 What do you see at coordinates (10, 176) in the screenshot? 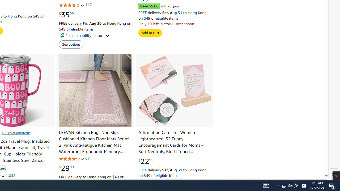
I see `'1,048'` at bounding box center [10, 176].